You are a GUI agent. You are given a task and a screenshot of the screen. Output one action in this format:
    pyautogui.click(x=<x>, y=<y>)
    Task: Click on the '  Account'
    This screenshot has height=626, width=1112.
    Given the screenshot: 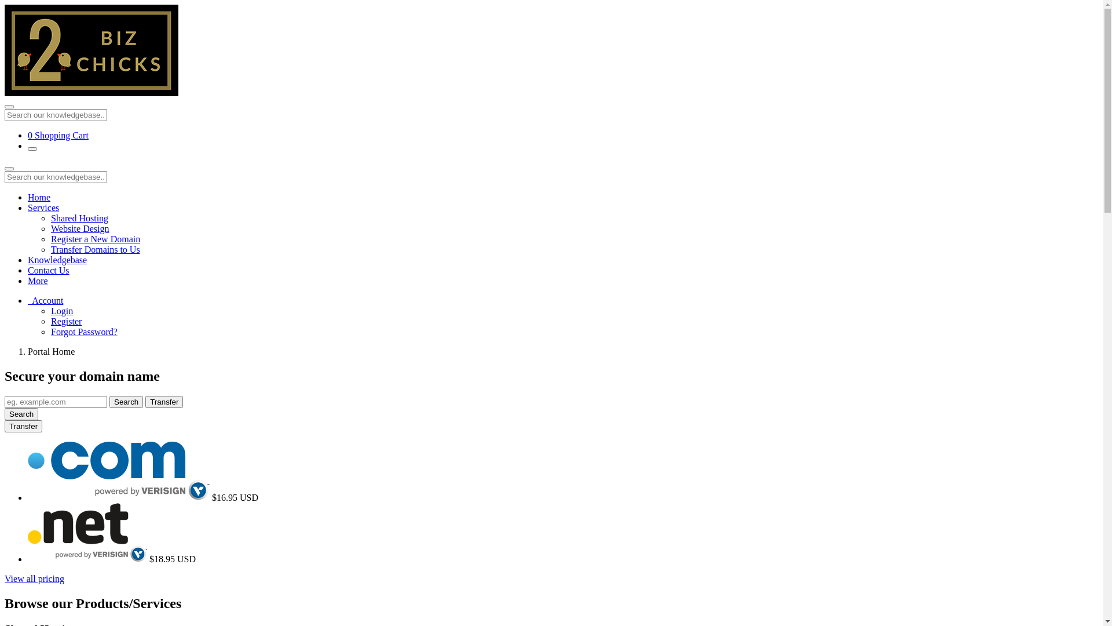 What is the action you would take?
    pyautogui.click(x=28, y=300)
    